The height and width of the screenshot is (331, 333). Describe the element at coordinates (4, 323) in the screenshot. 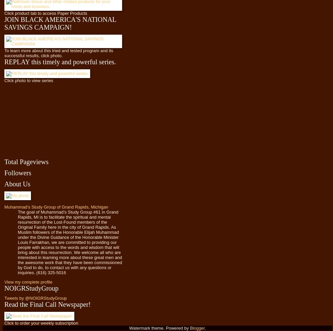

I see `'Click to order your weekly subscription'` at that location.